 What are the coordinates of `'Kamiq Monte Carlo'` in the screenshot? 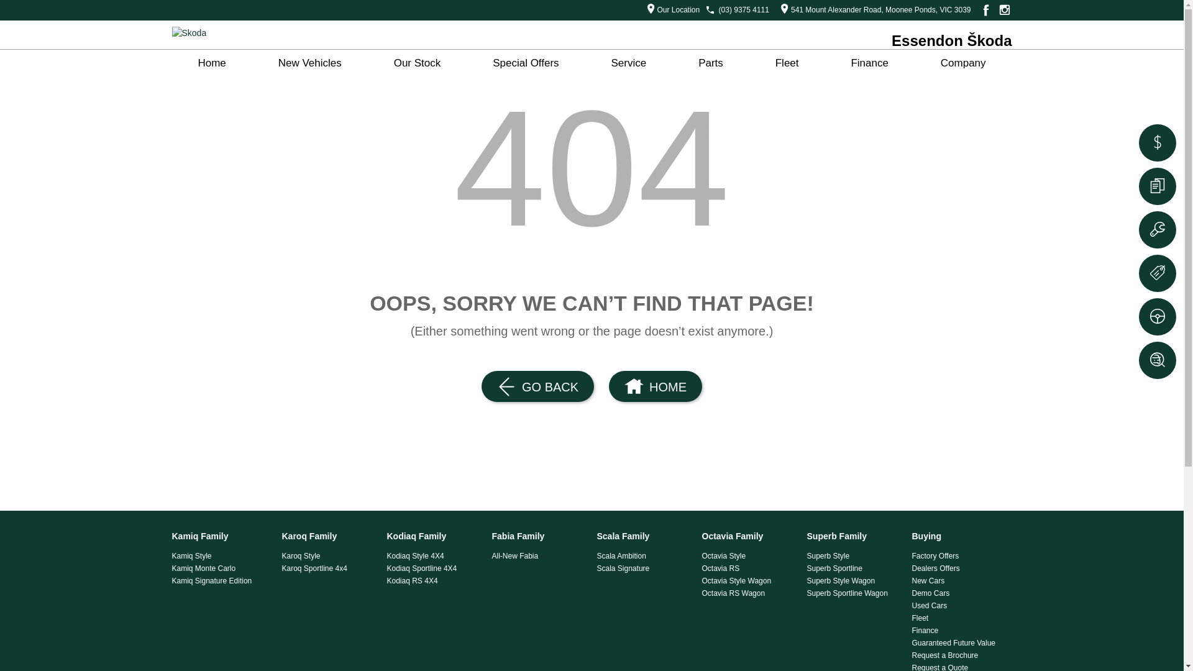 It's located at (219, 568).